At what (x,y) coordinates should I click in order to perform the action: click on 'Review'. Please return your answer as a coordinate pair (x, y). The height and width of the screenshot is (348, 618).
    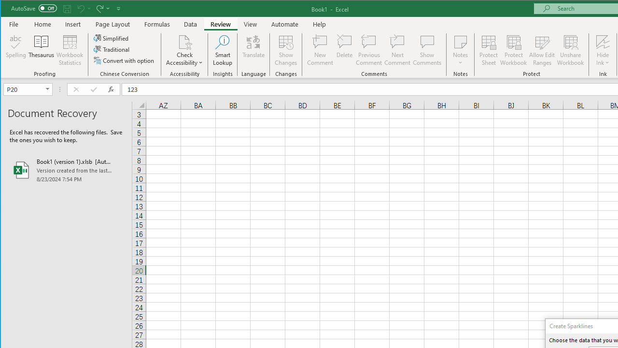
    Looking at the image, I should click on (220, 24).